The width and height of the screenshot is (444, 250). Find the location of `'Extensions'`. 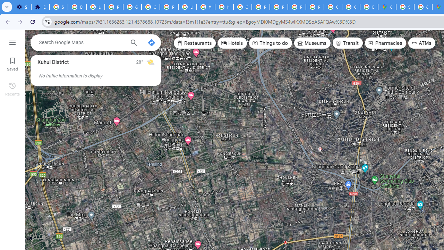

'Extensions' is located at coordinates (40, 7).